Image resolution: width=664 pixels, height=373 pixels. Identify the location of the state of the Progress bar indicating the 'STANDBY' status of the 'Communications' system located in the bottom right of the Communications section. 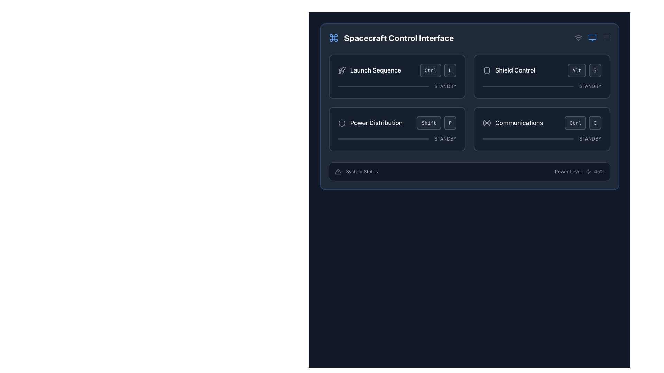
(542, 138).